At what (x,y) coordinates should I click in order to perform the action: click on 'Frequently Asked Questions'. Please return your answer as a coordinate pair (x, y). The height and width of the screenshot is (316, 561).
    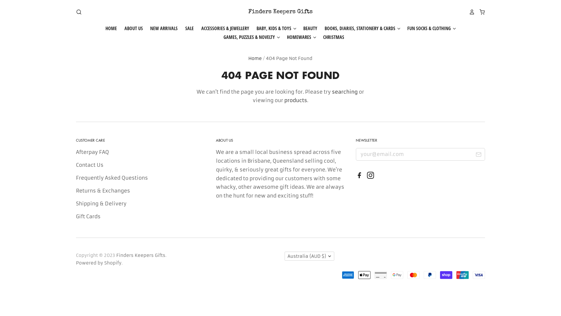
    Looking at the image, I should click on (112, 178).